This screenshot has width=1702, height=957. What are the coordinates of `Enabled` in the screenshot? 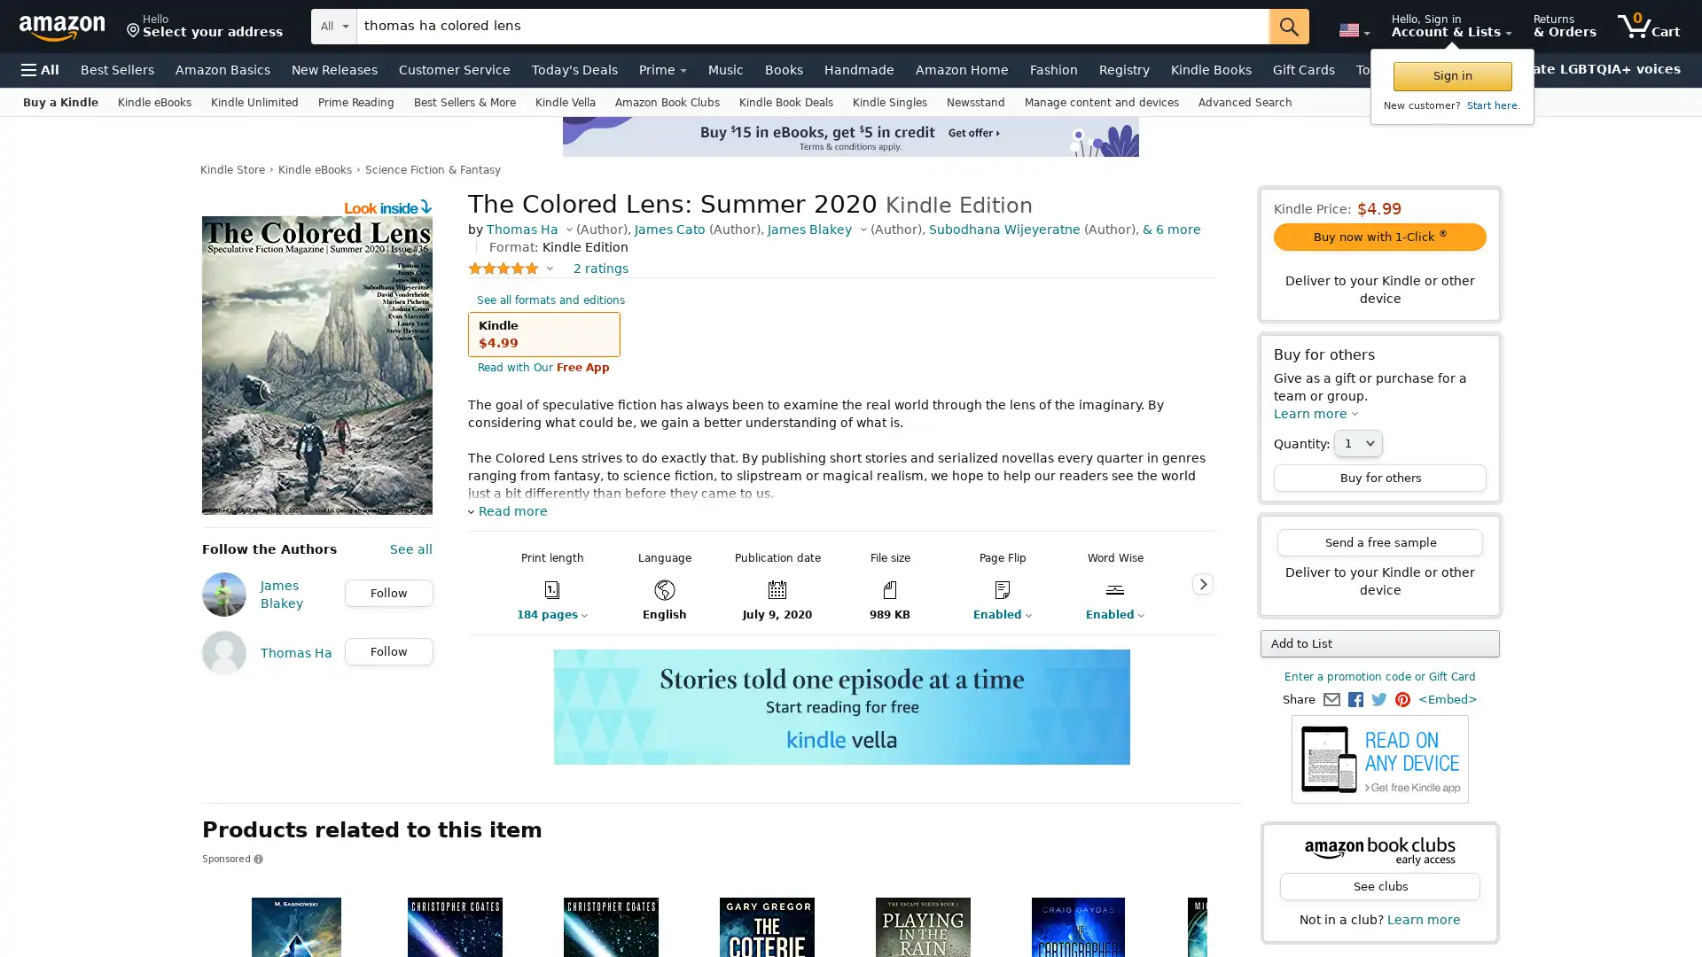 It's located at (1113, 614).